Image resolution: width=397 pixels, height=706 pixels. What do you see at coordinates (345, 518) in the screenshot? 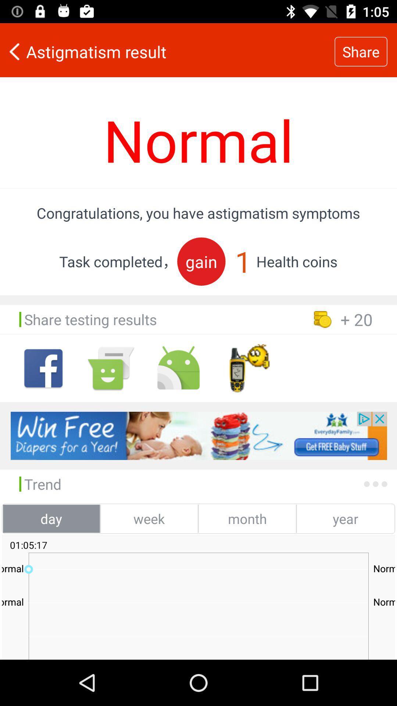
I see `the year` at bounding box center [345, 518].